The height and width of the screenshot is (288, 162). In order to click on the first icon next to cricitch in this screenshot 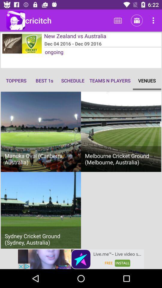, I will do `click(118, 20)`.